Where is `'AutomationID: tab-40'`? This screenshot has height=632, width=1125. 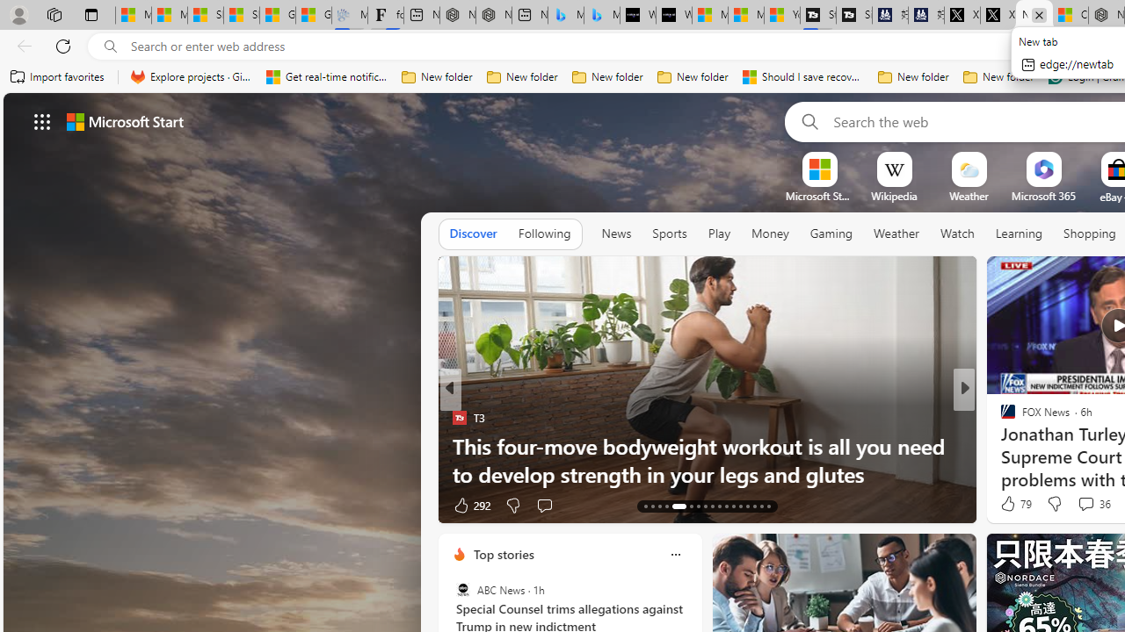
'AutomationID: tab-40' is located at coordinates (768, 506).